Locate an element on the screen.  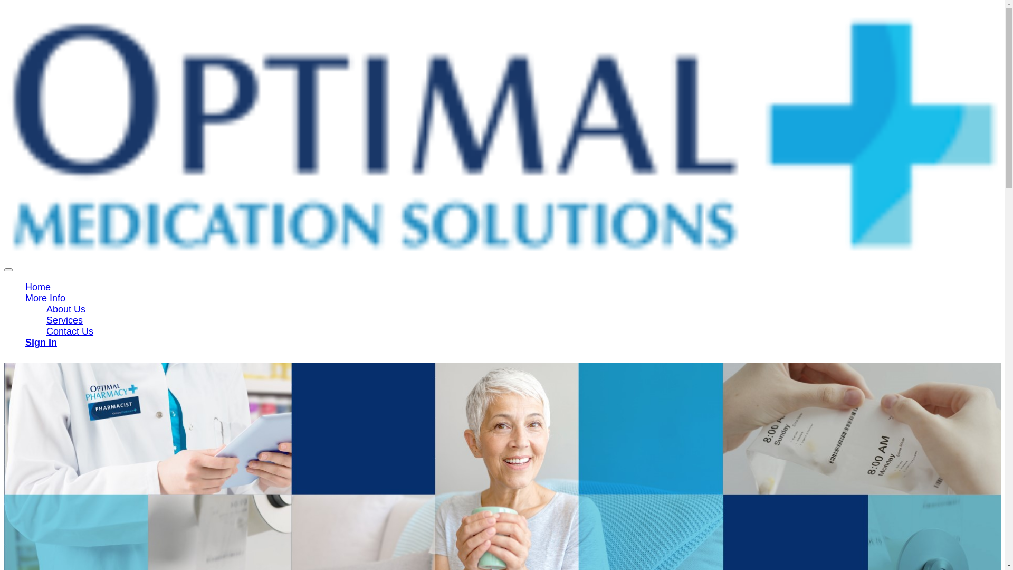
'Home' is located at coordinates (38, 287).